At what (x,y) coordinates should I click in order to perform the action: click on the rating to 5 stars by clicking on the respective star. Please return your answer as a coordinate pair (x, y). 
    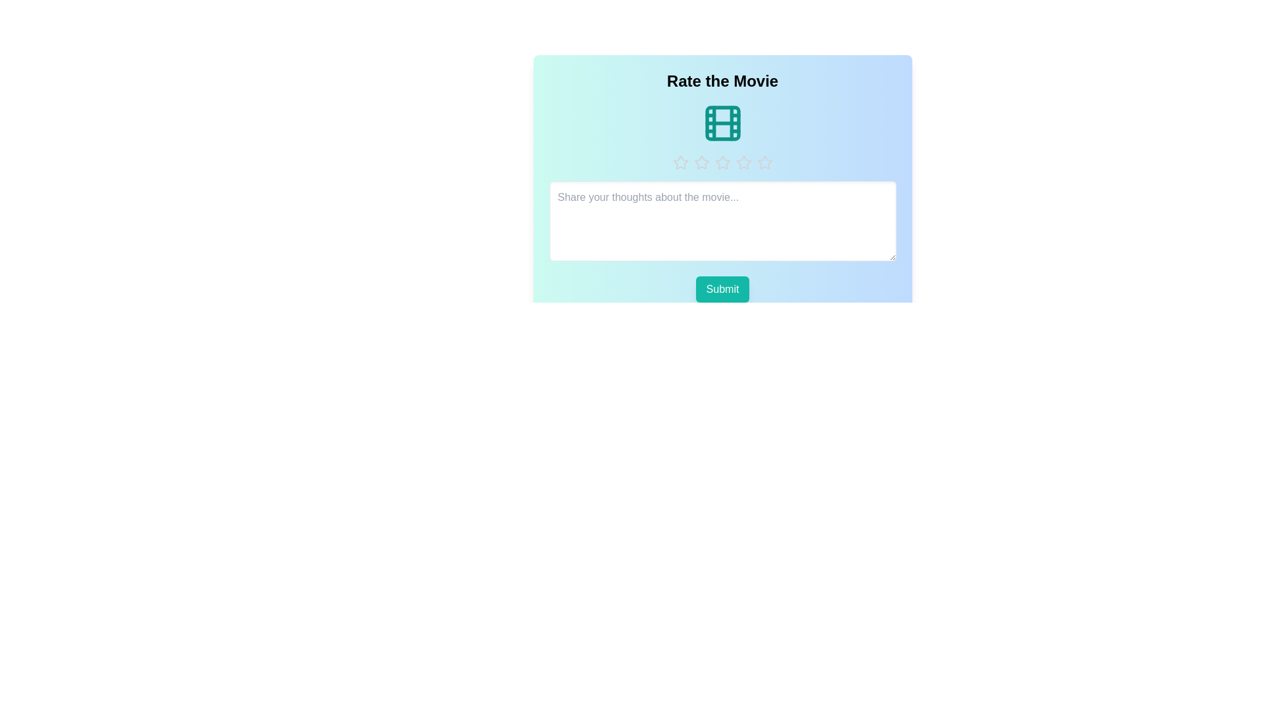
    Looking at the image, I should click on (764, 161).